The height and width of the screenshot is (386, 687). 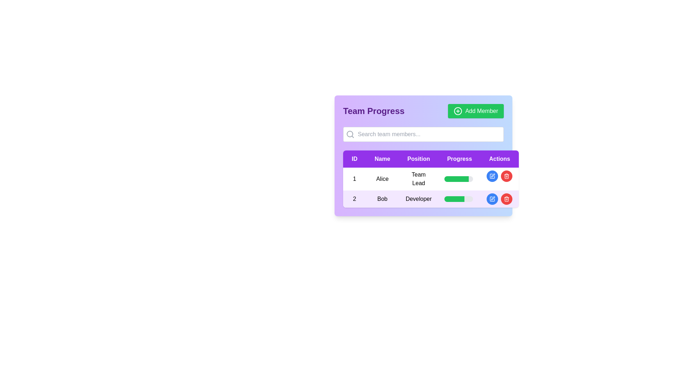 I want to click on the button used to add a new member to the team, located in the top-right corner of the 'Team Progress' section, adjacent to the 'Team Progress' title, so click(x=476, y=111).